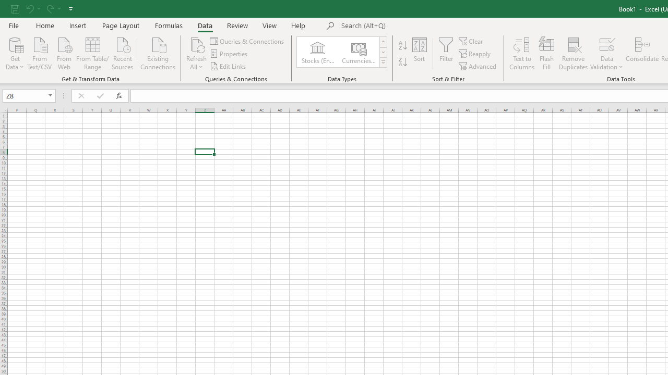  I want to click on 'Stocks (English)', so click(317, 52).